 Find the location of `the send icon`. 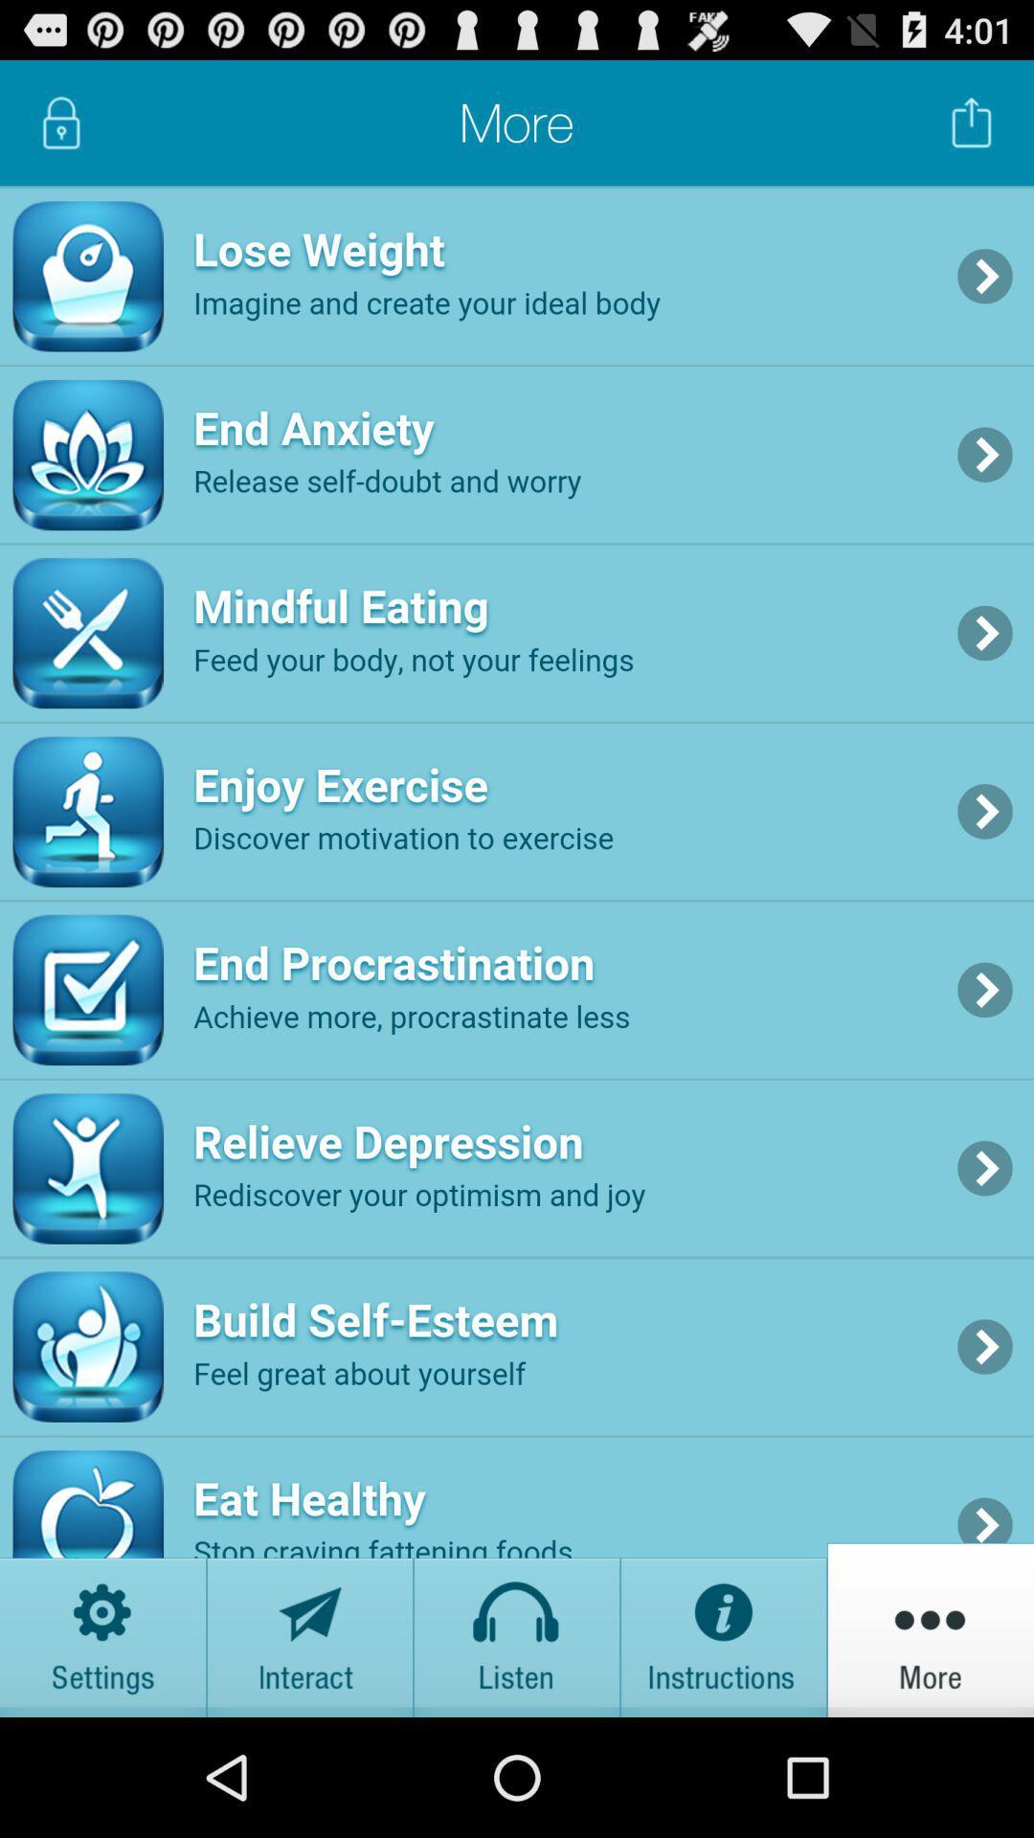

the send icon is located at coordinates (309, 1743).